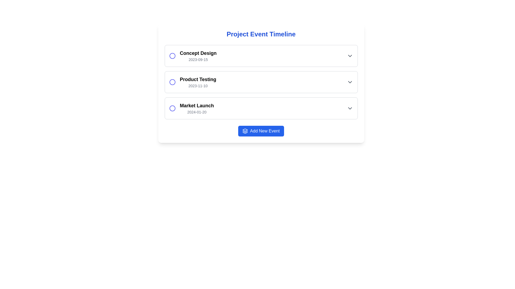  What do you see at coordinates (193, 82) in the screenshot?
I see `the second list item labeled 'Product Testing' with a blue outlined circular icon and a timestamp '2023-11-10' located under the 'Project Event Timeline' heading` at bounding box center [193, 82].